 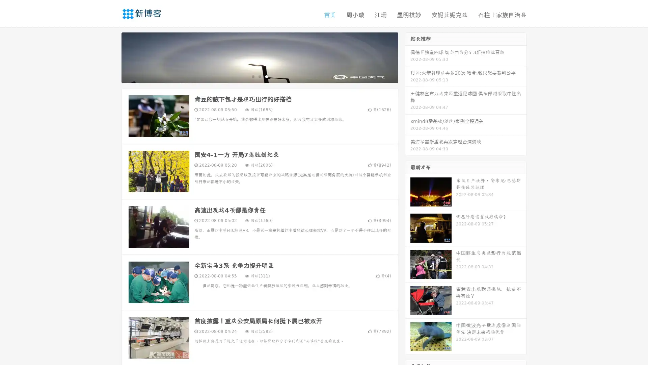 What do you see at coordinates (408, 57) in the screenshot?
I see `Next slide` at bounding box center [408, 57].